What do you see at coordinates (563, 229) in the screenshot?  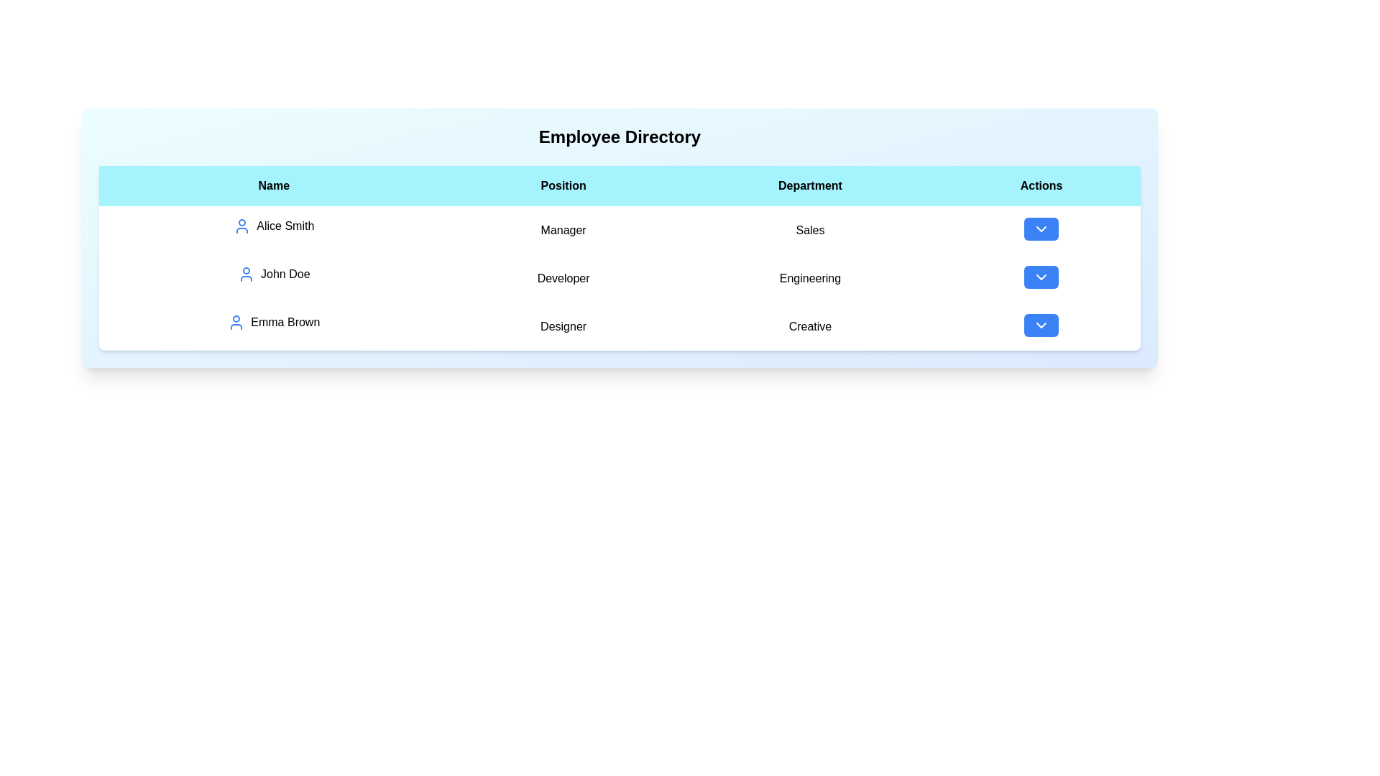 I see `the 'Position' text label in the first row of the table that indicates the job position of 'Alice Smith' and is aligned with 'Sales' from the 'Department' column` at bounding box center [563, 229].